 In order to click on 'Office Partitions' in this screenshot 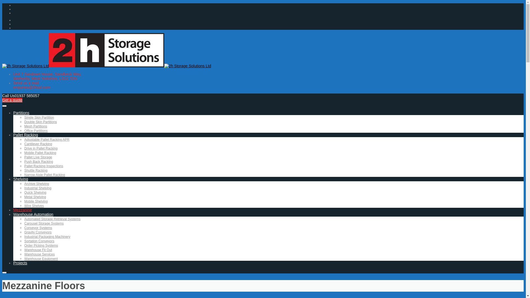, I will do `click(24, 131)`.